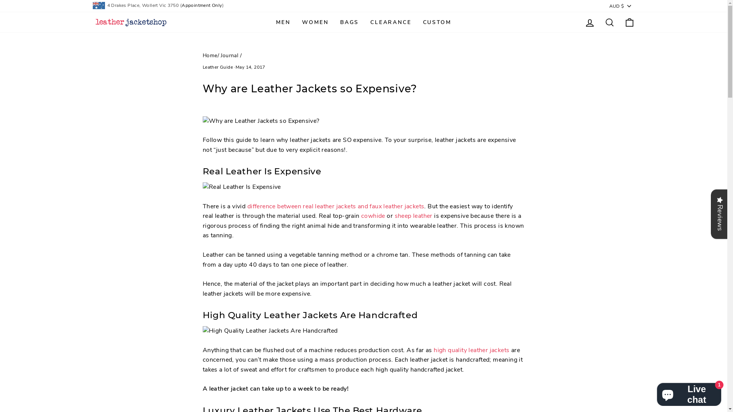 The width and height of the screenshot is (733, 412). I want to click on 'Leather Guide', so click(217, 67).